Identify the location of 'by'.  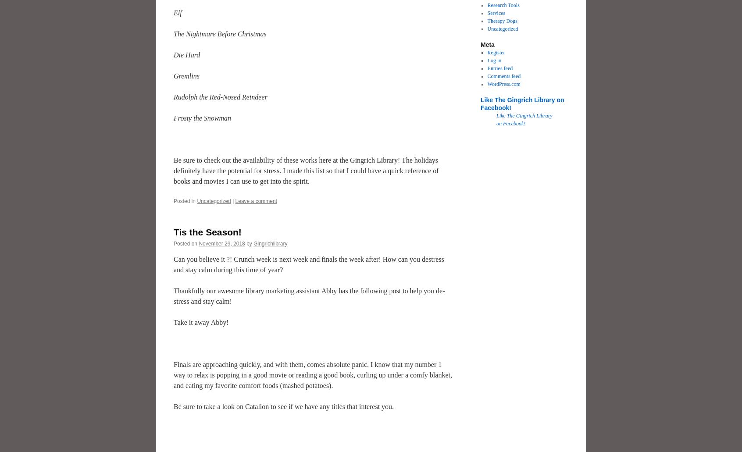
(249, 242).